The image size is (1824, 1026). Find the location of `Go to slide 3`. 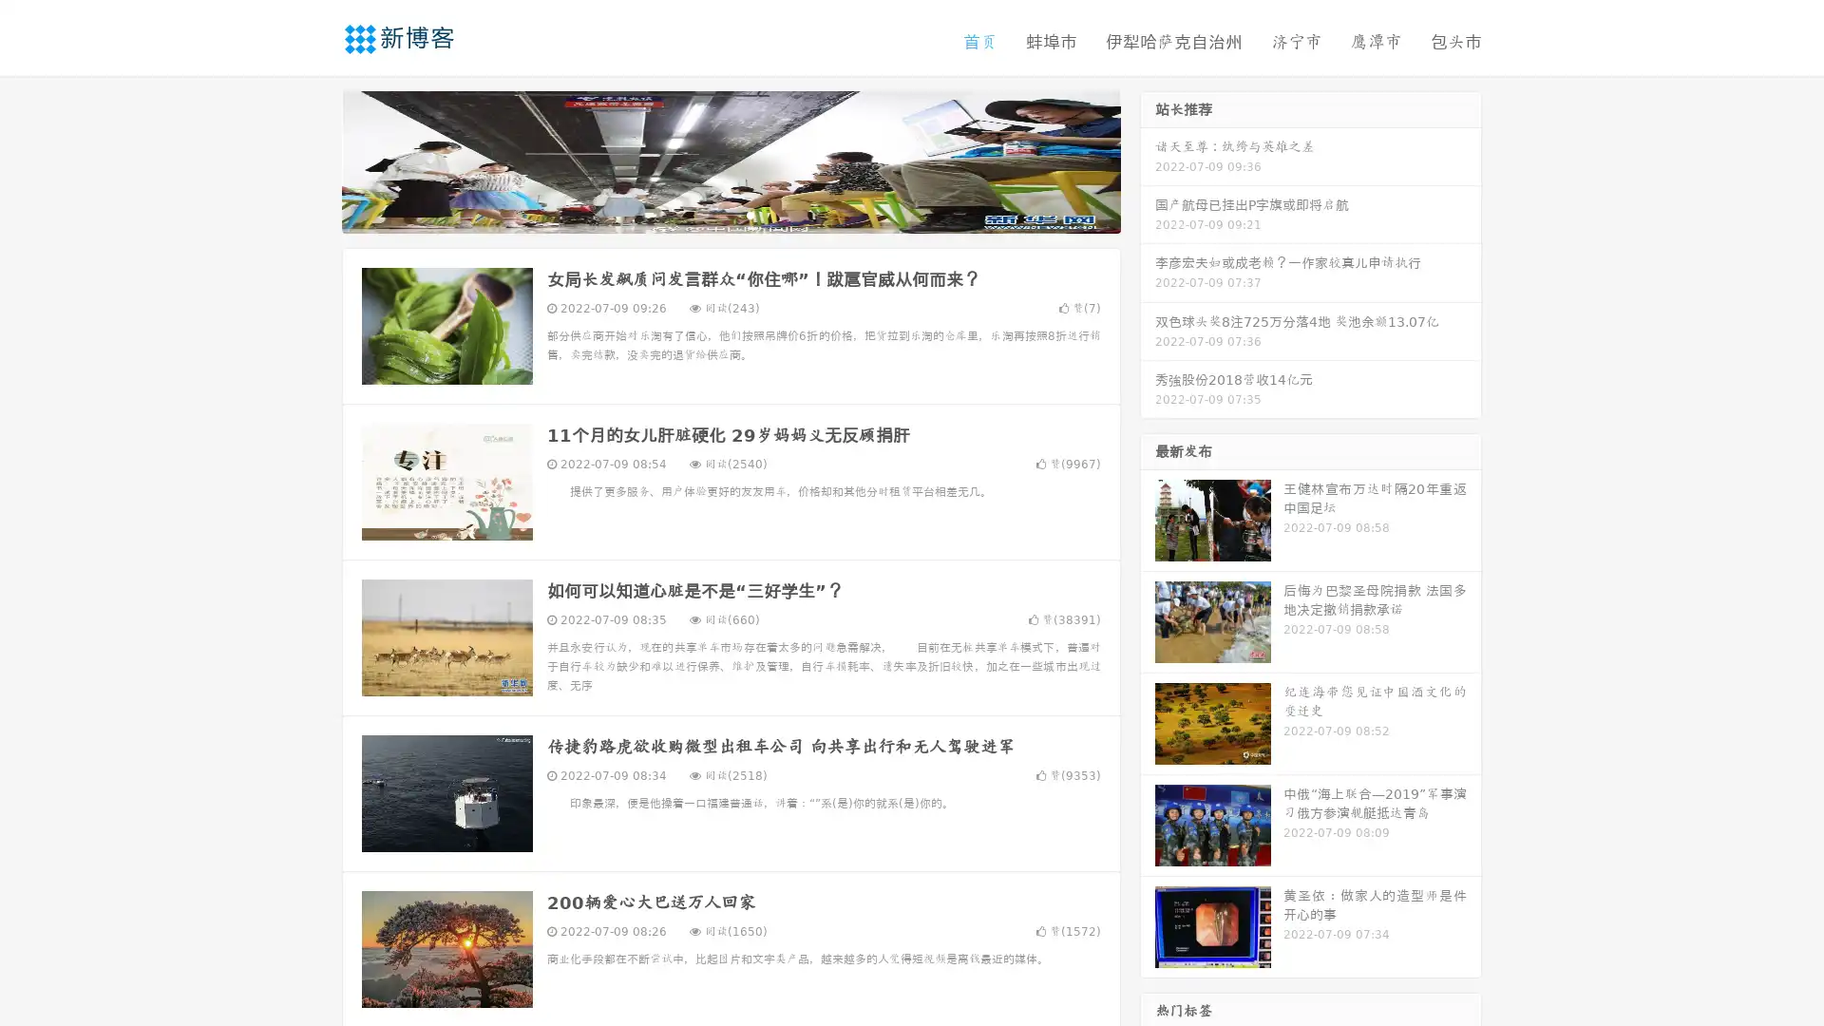

Go to slide 3 is located at coordinates (750, 214).